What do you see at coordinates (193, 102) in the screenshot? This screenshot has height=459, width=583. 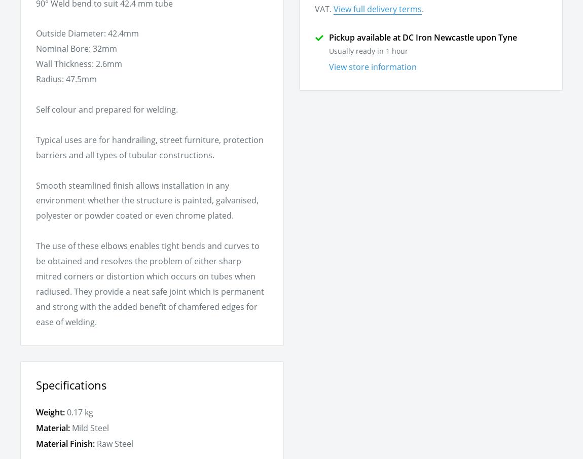 I see `'01914881112'` at bounding box center [193, 102].